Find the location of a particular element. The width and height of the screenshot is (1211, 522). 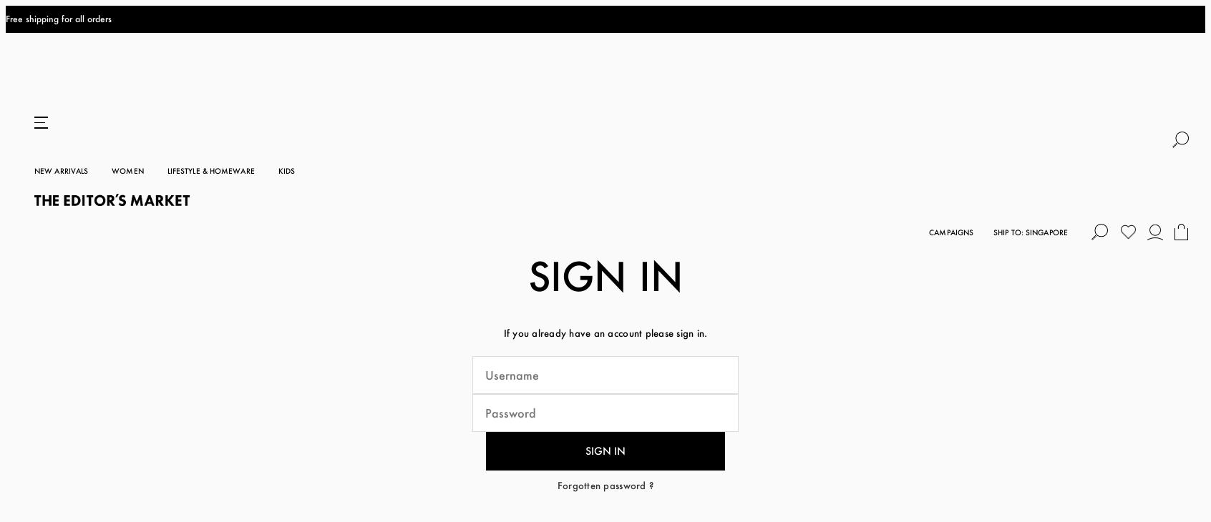

'If you already have an account please sign in.' is located at coordinates (605, 219).